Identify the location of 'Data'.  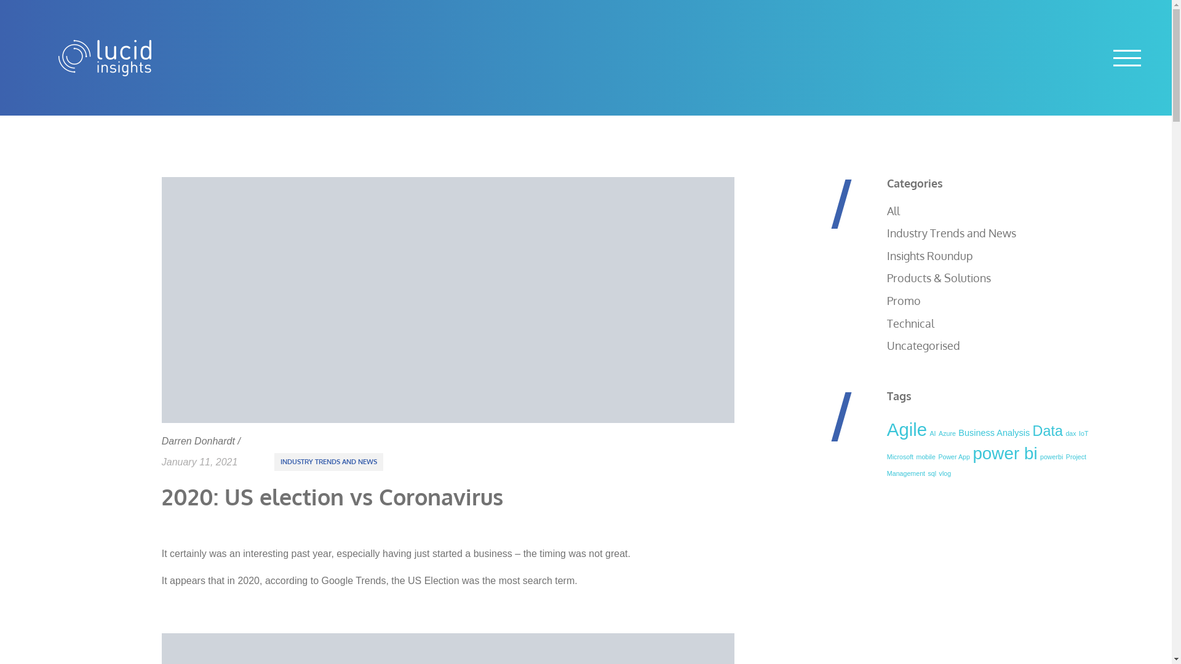
(1047, 430).